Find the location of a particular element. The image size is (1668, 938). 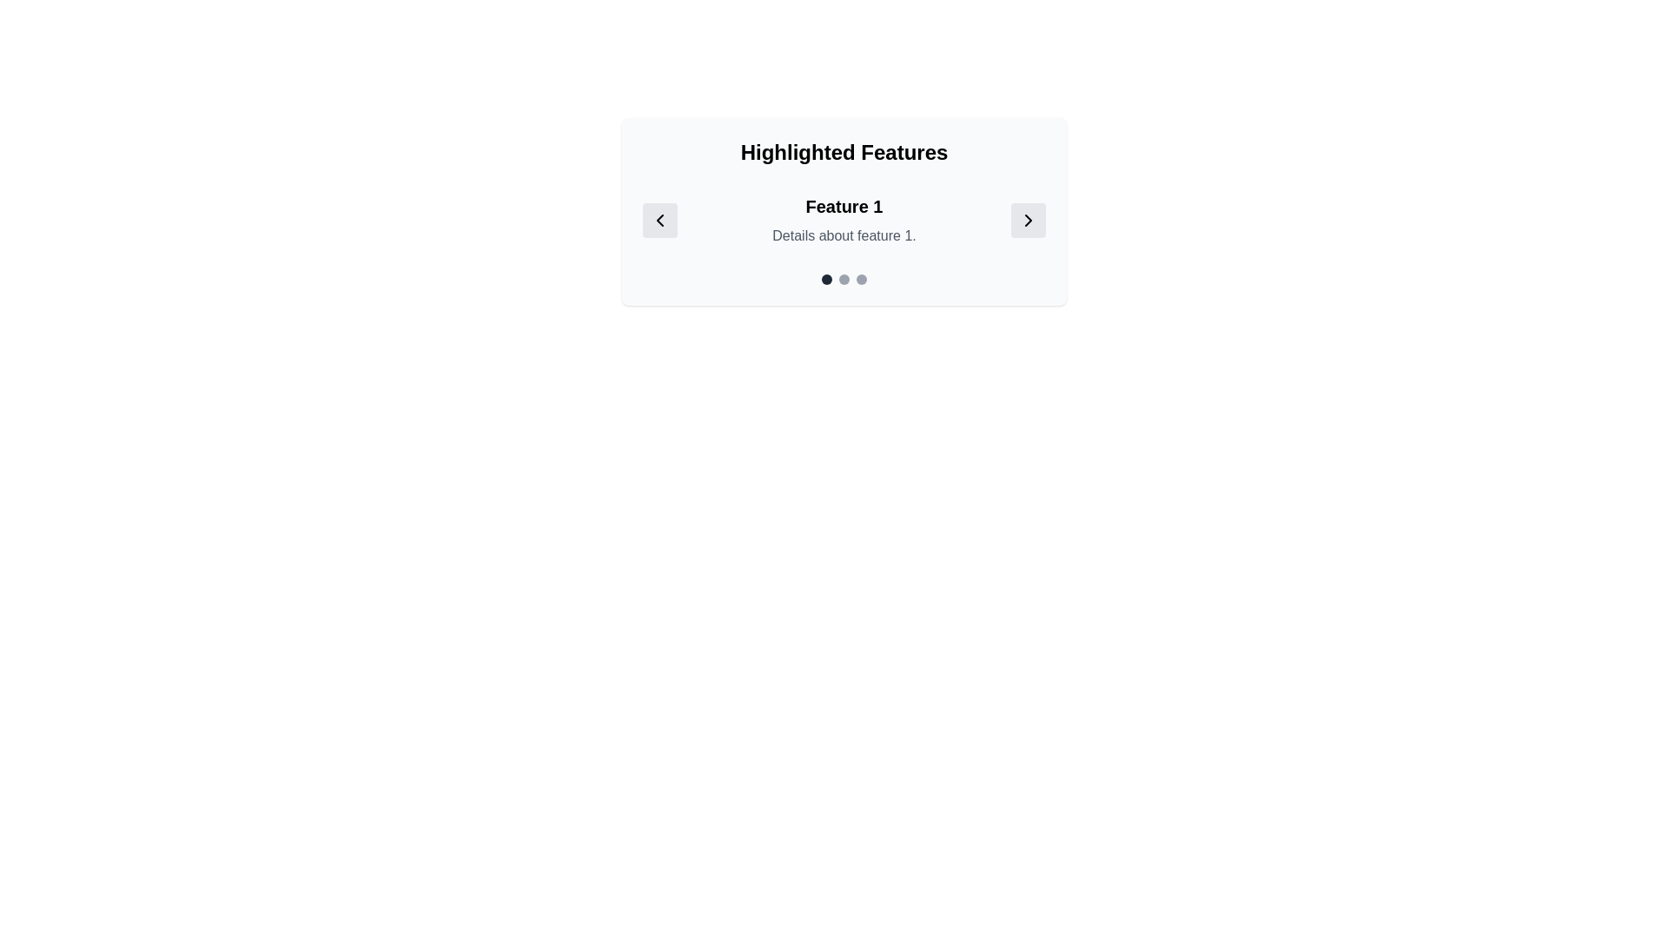

the text label that contains 'Details about feature 1.' styled in a smaller gray font, positioned directly beneath the larger bold text 'Feature 1' is located at coordinates (844, 236).